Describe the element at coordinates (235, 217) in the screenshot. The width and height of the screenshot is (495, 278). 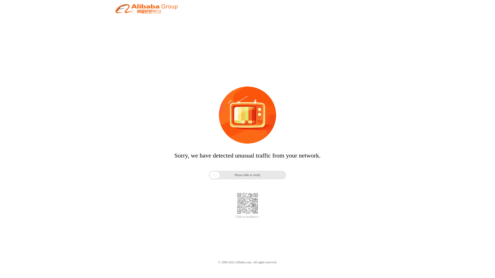
I see `'Click to feedback >'` at that location.